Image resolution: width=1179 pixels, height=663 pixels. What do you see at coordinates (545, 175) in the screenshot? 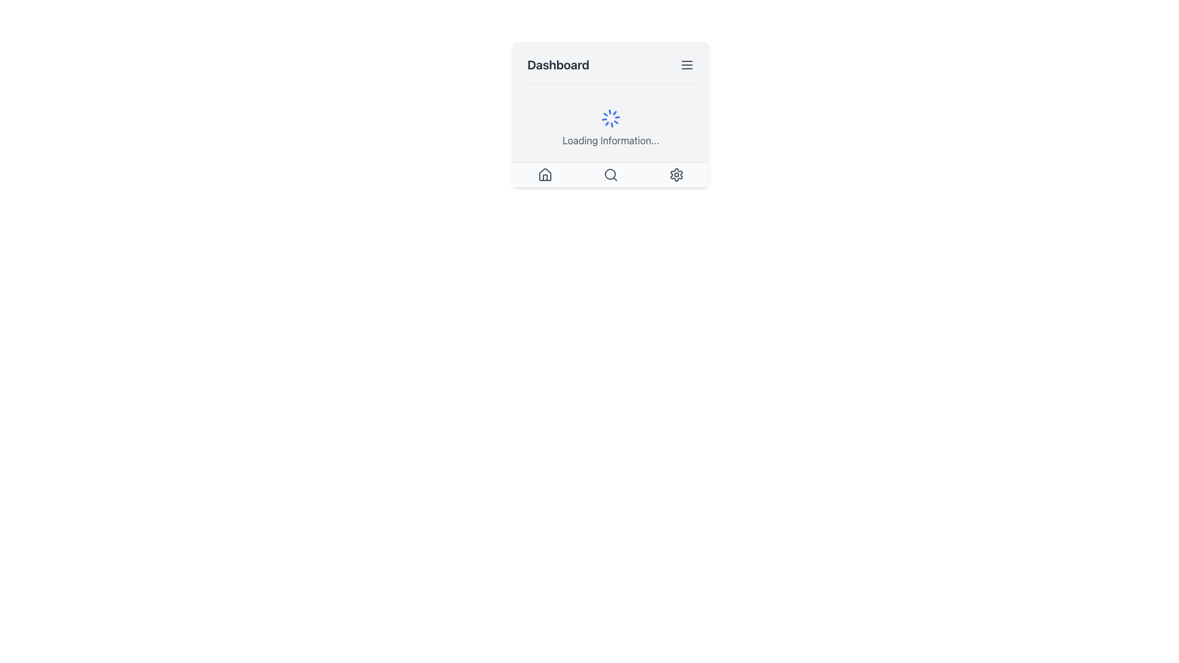
I see `the blue house-shaped icon button located at the bottom left of the interface` at bounding box center [545, 175].